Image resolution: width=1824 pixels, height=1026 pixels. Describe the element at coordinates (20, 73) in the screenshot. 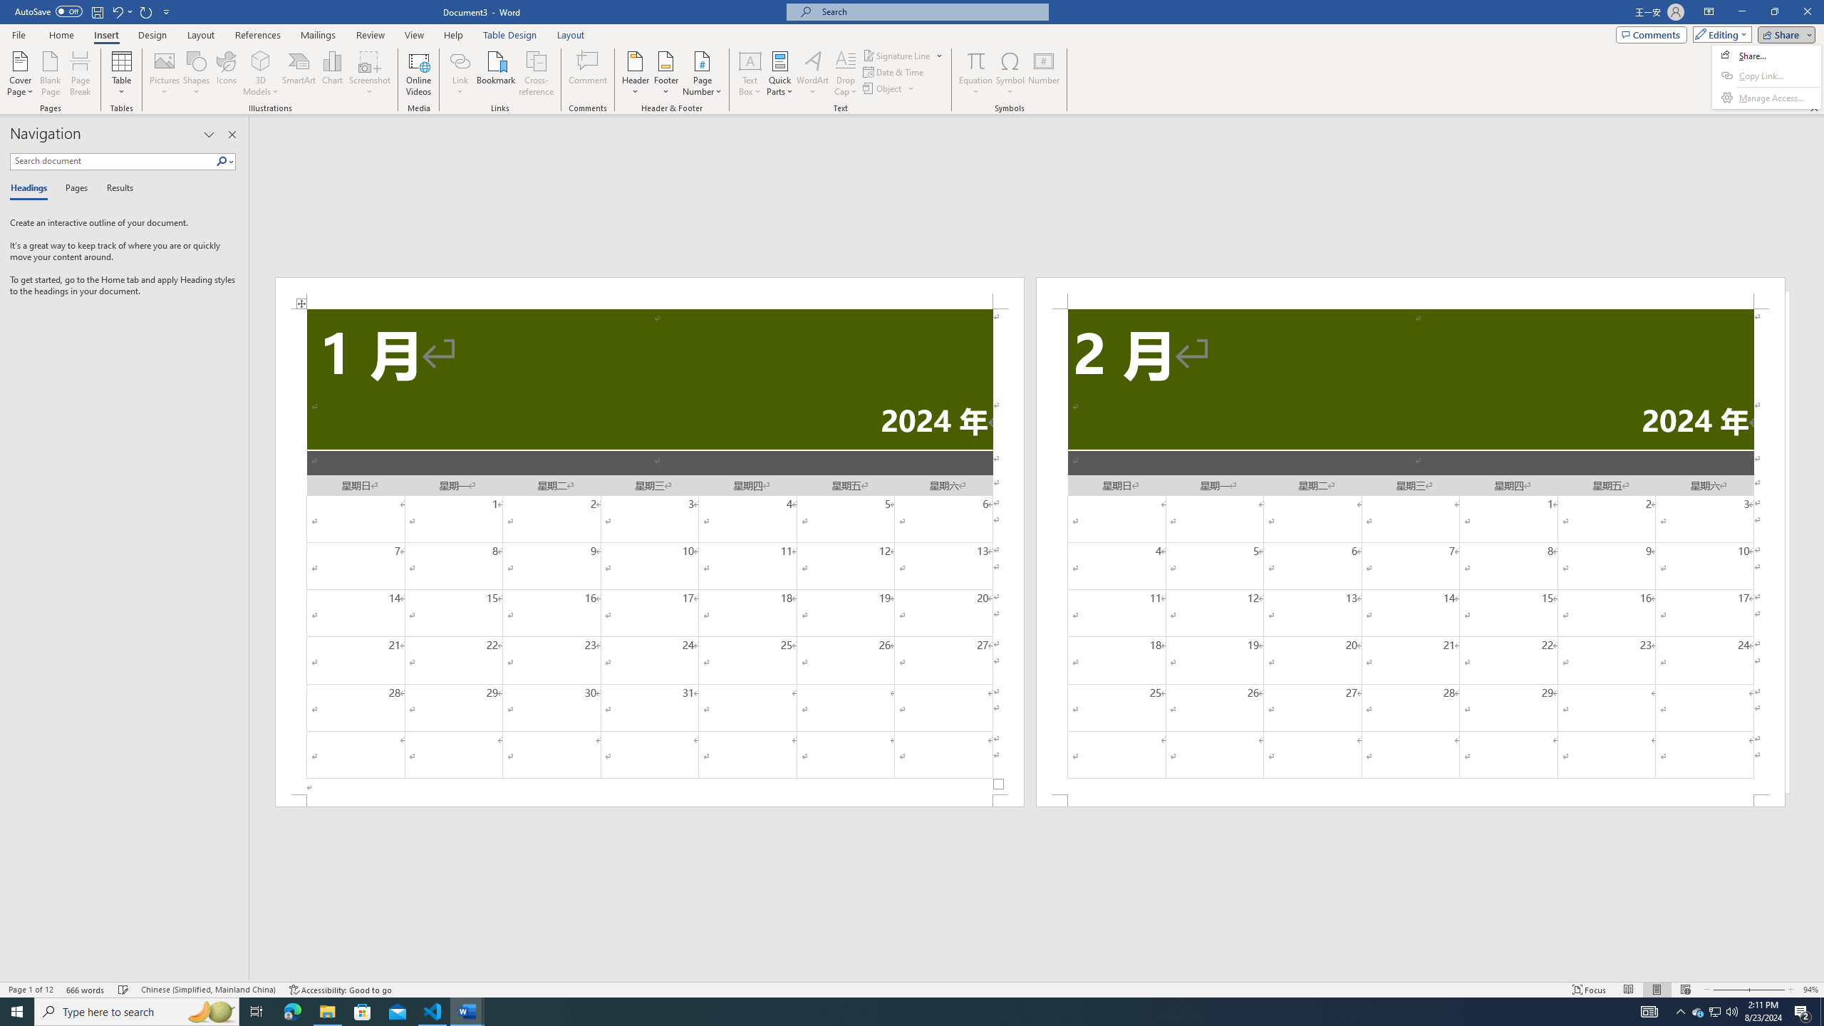

I see `'Cover Page'` at that location.